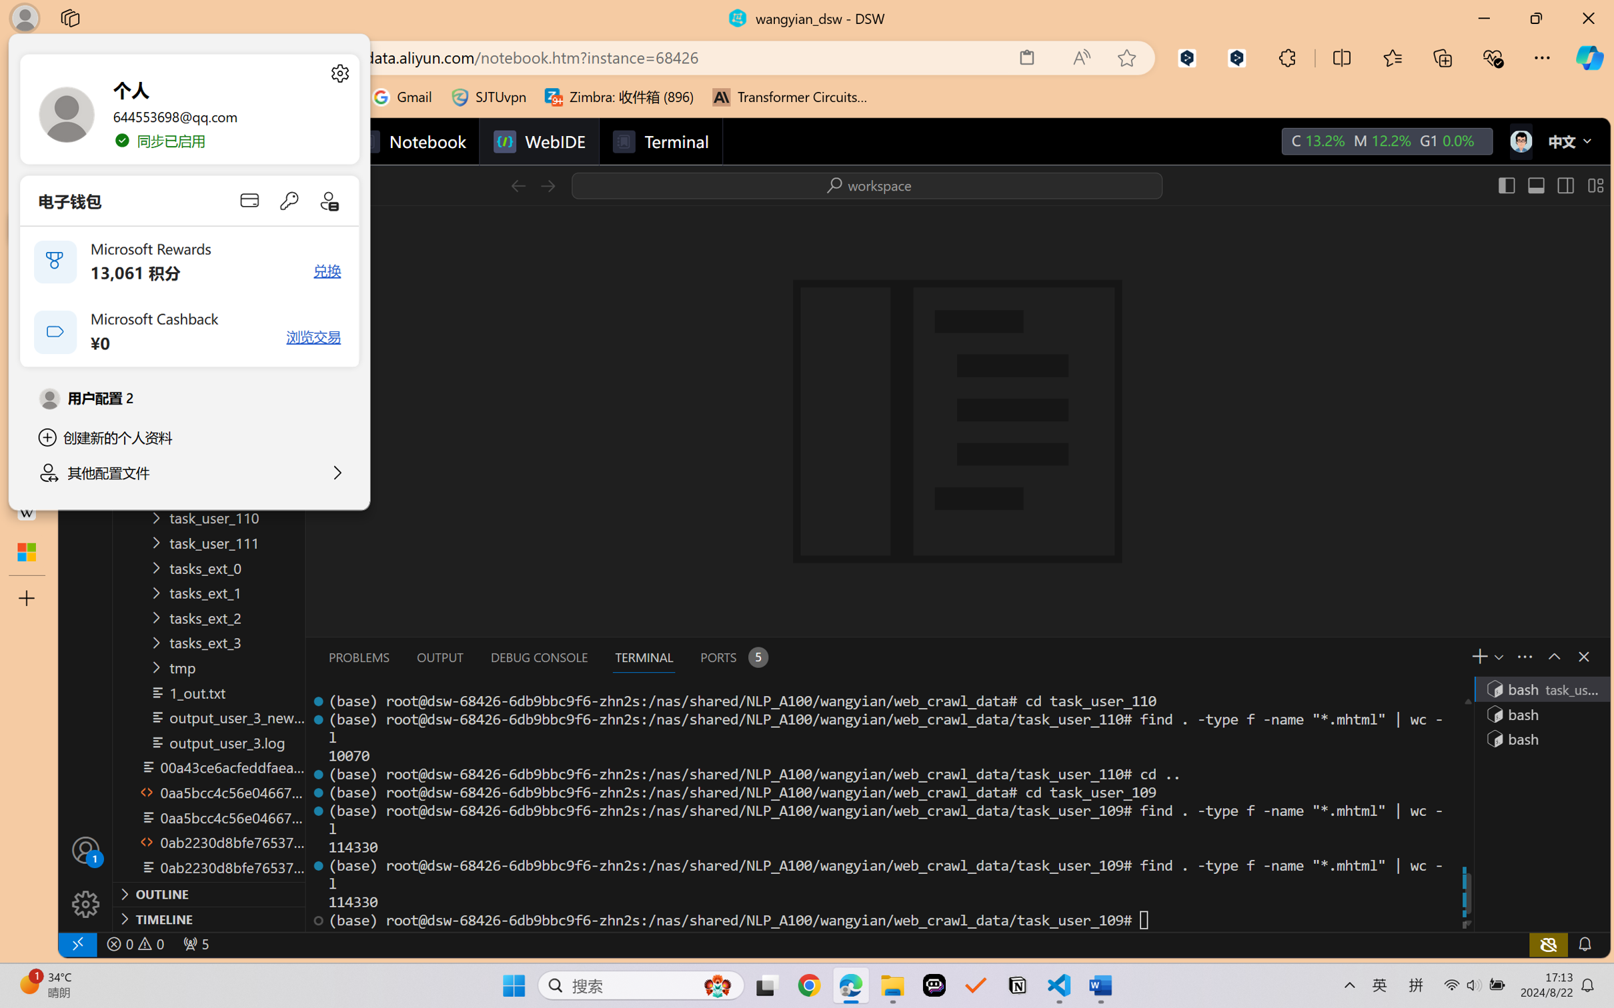 The image size is (1614, 1008). What do you see at coordinates (1549, 185) in the screenshot?
I see `'Title actions'` at bounding box center [1549, 185].